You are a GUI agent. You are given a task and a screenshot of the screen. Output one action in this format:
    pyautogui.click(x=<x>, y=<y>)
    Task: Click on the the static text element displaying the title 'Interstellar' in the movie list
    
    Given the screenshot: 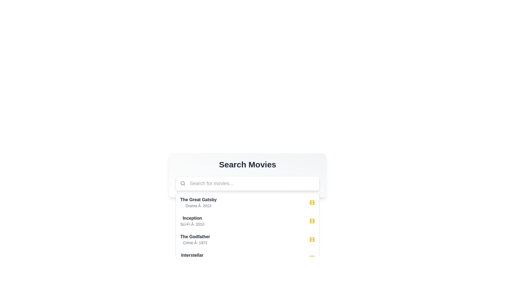 What is the action you would take?
    pyautogui.click(x=192, y=255)
    